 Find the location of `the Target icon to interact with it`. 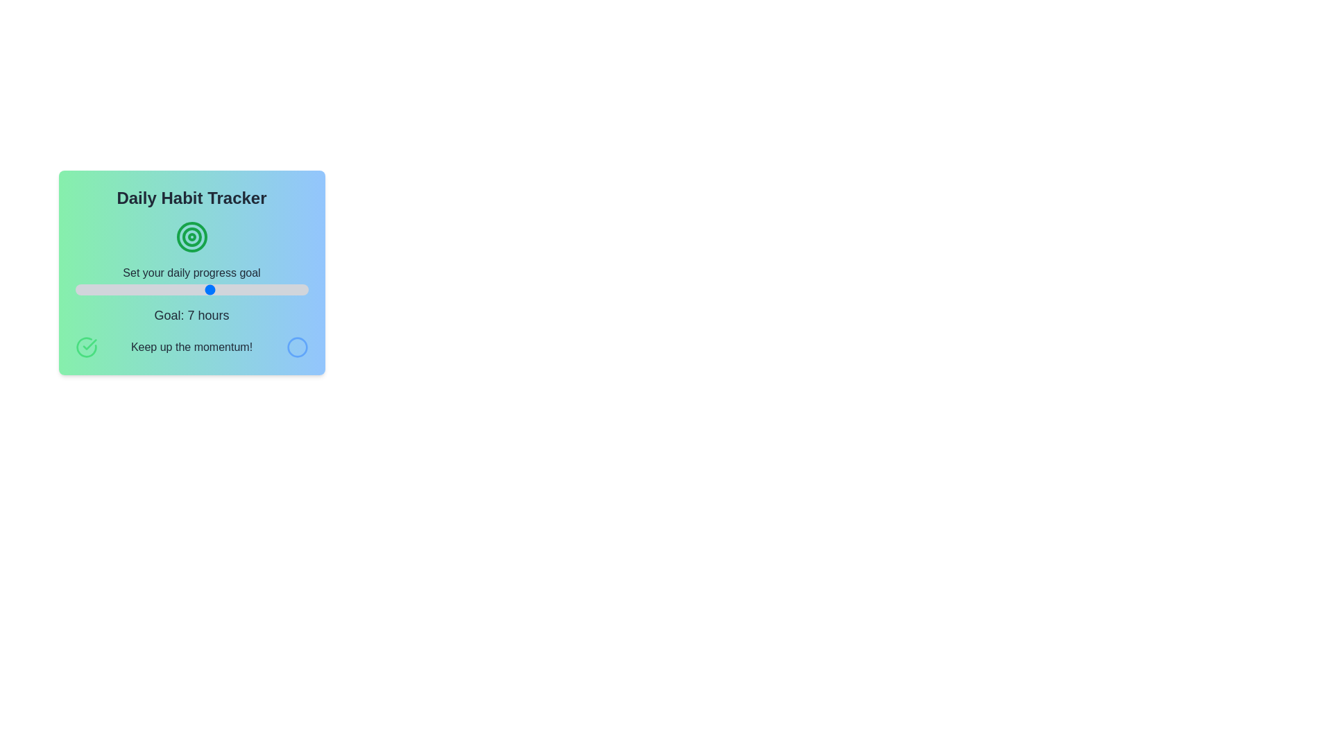

the Target icon to interact with it is located at coordinates (191, 236).